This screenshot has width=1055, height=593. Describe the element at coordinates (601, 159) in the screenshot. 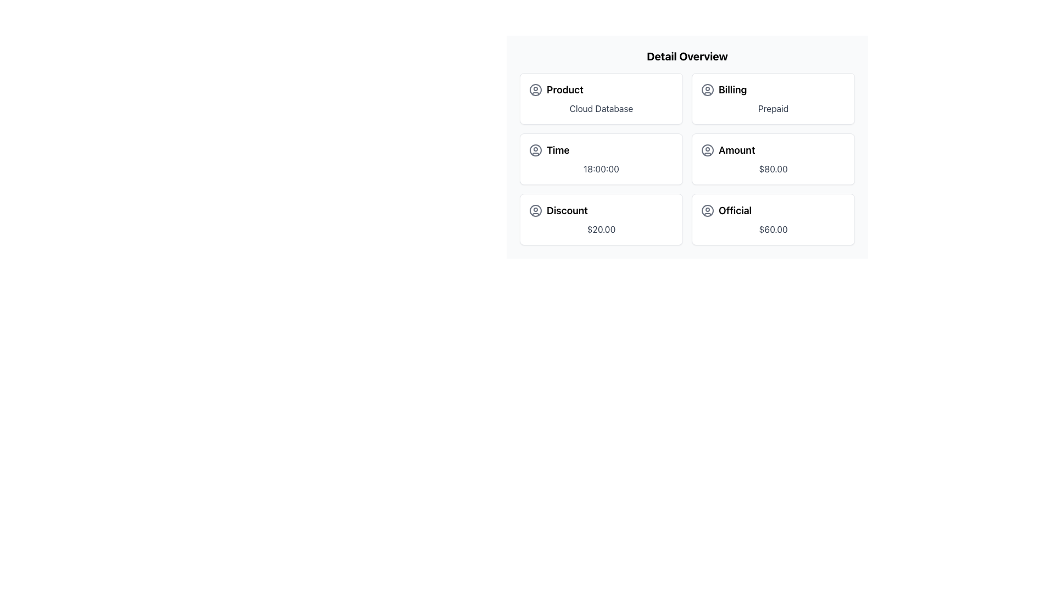

I see `the card displaying the label 'Time' with a value of '18:00:00'` at that location.